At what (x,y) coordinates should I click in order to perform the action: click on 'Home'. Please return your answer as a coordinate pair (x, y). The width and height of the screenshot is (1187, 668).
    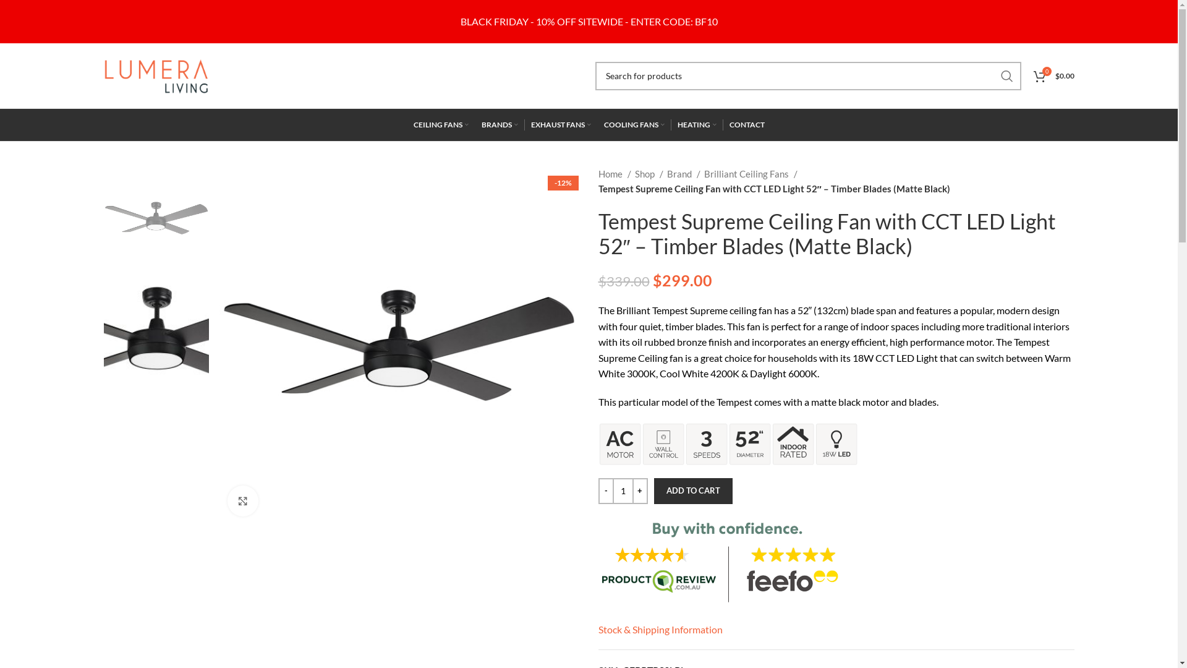
    Looking at the image, I should click on (615, 174).